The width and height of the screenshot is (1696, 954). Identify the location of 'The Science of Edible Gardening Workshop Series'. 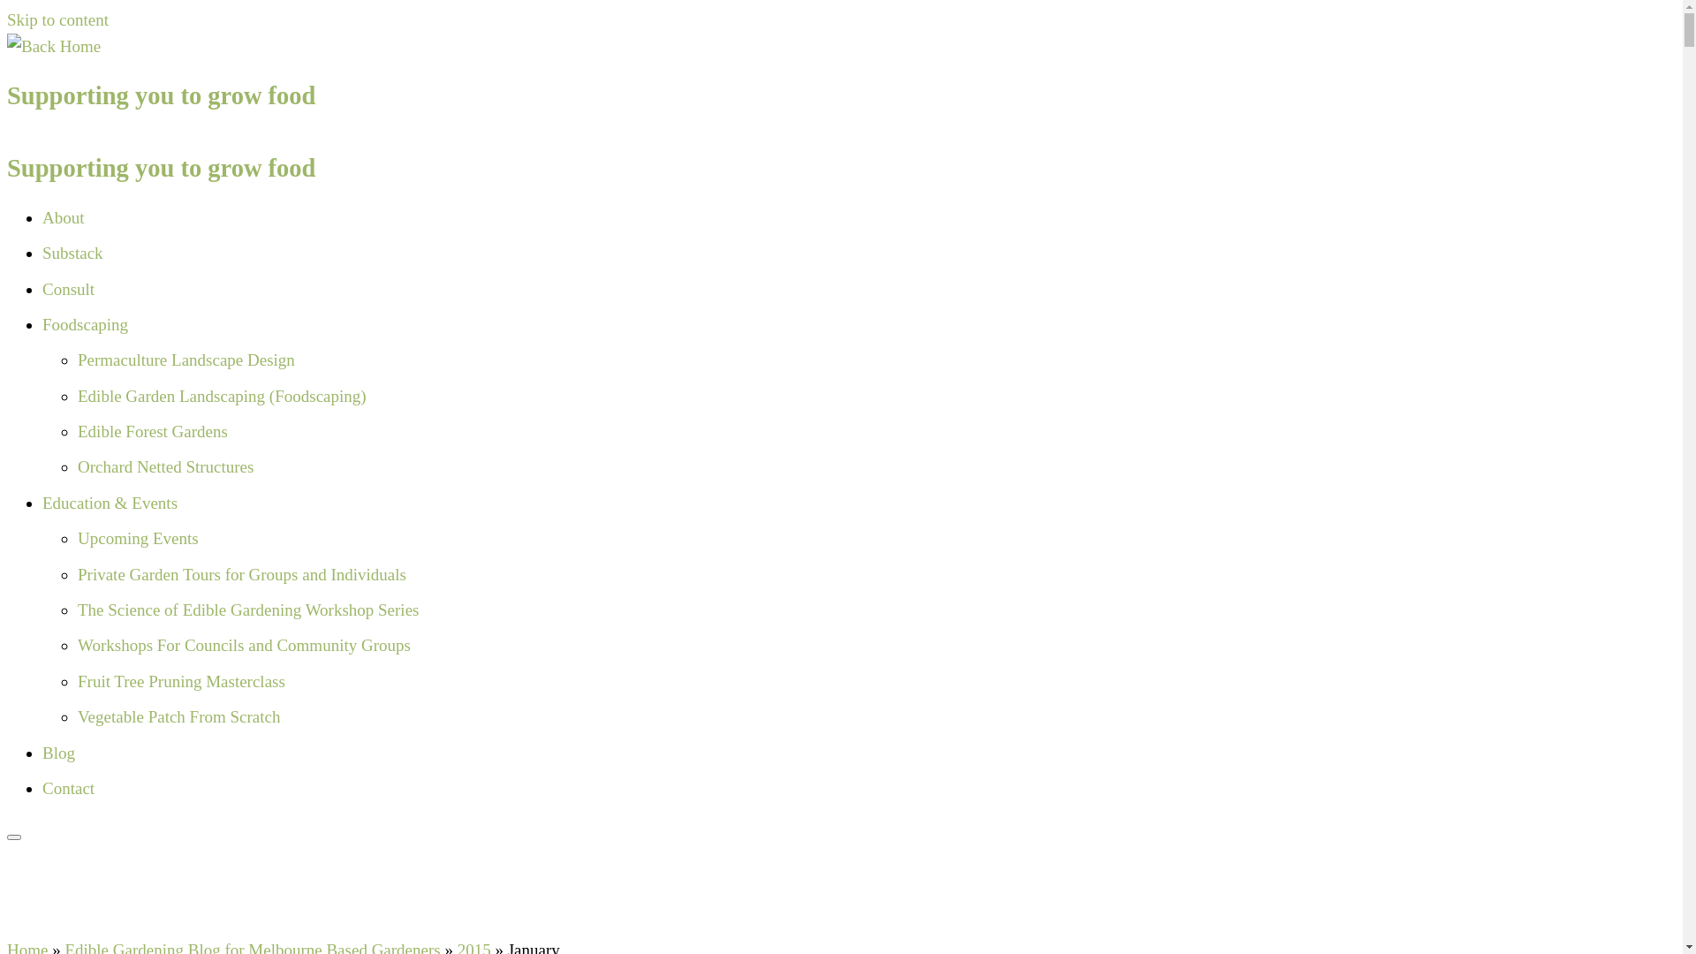
(247, 609).